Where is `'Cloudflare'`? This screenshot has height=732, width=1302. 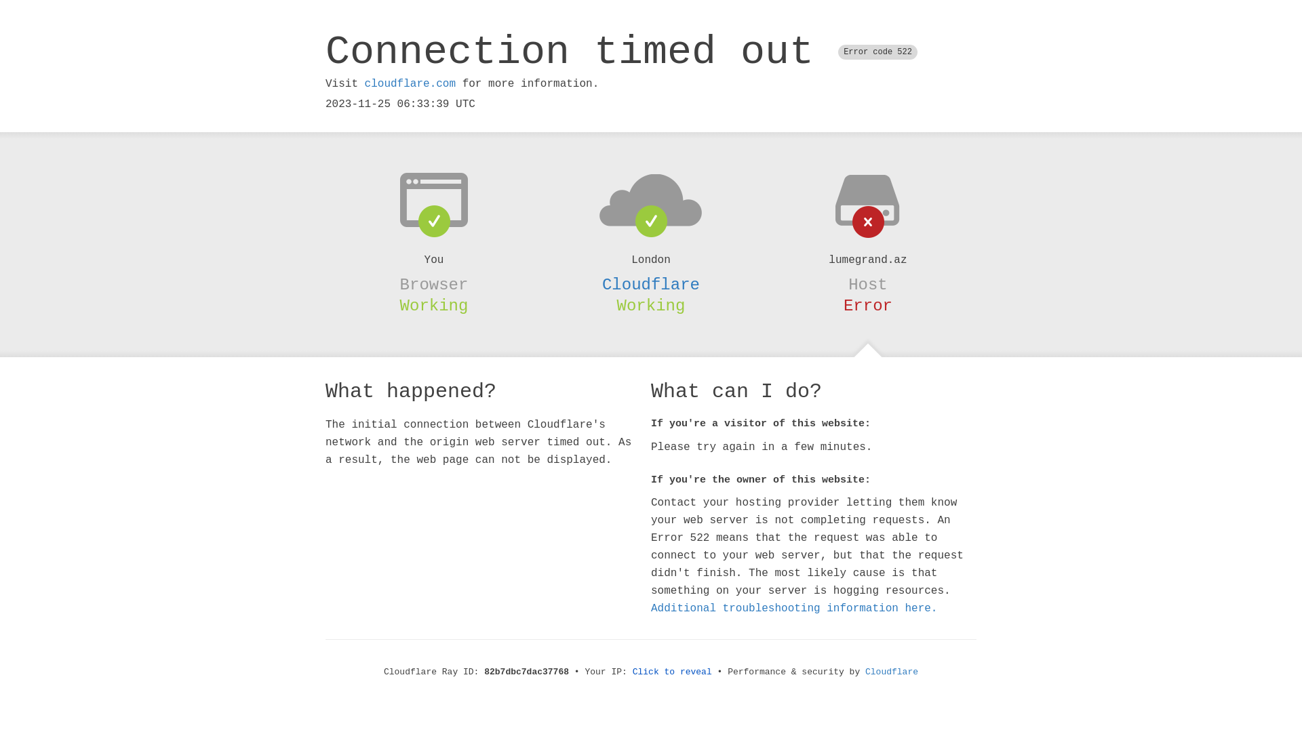 'Cloudflare' is located at coordinates (651, 284).